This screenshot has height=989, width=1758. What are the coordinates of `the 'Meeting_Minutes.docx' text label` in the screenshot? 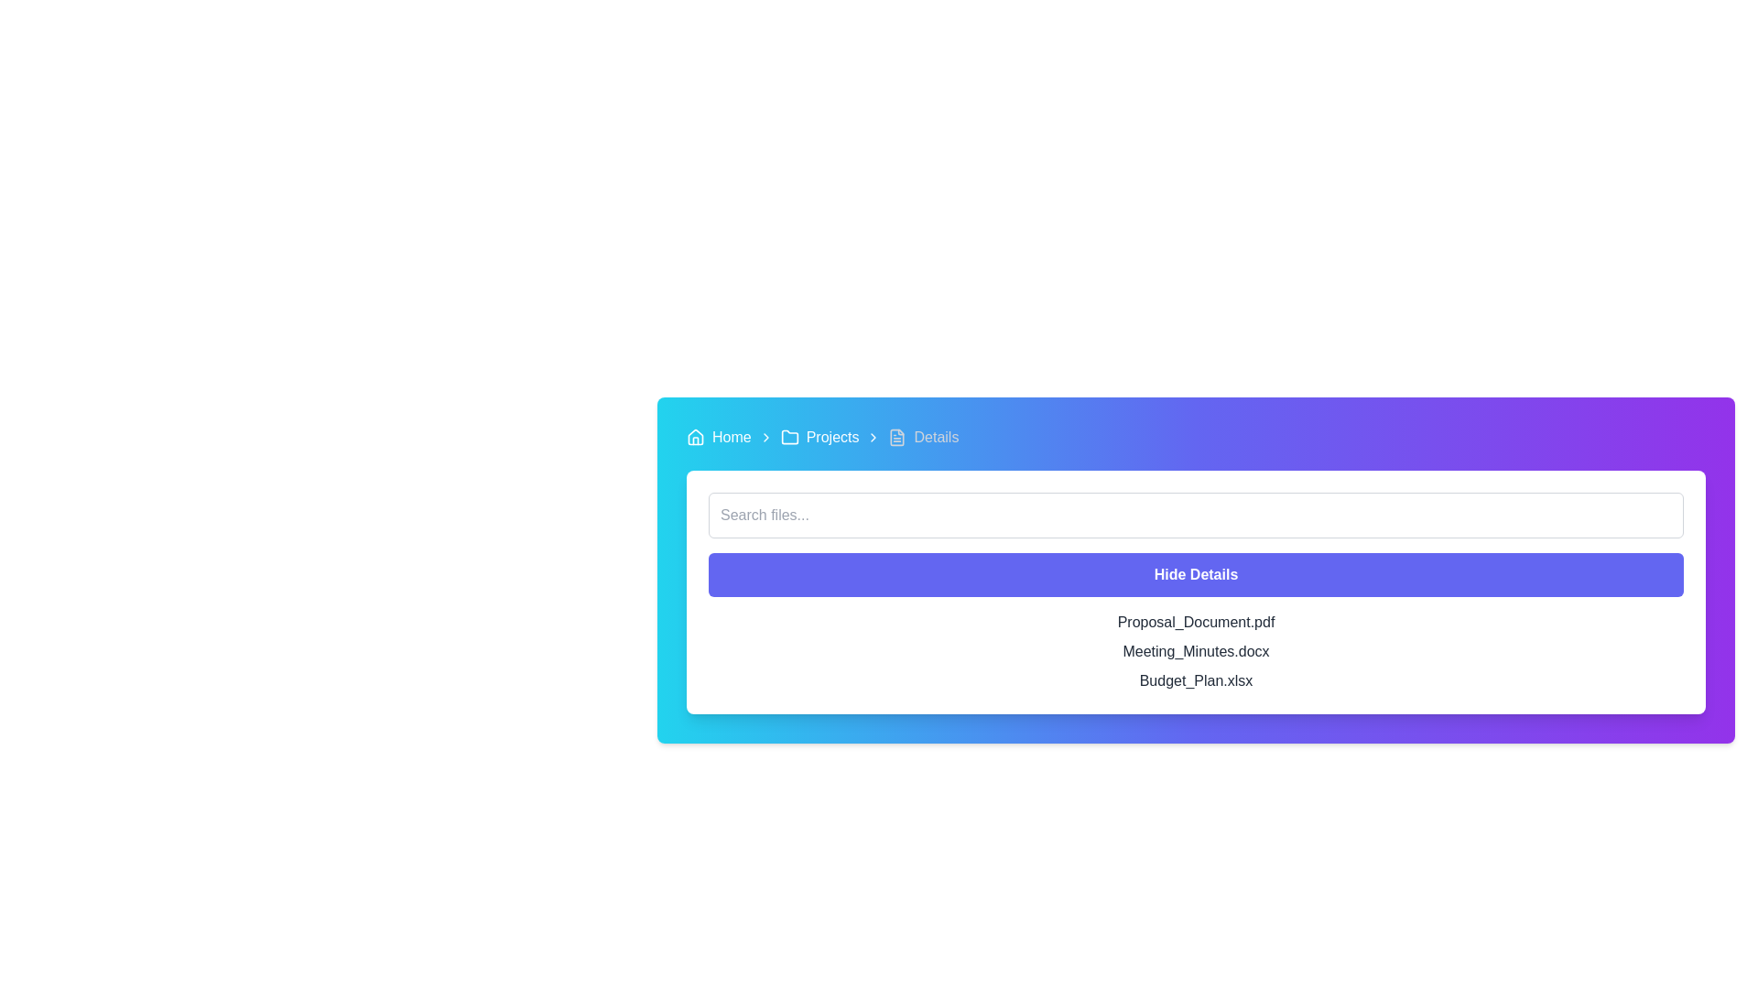 It's located at (1196, 651).